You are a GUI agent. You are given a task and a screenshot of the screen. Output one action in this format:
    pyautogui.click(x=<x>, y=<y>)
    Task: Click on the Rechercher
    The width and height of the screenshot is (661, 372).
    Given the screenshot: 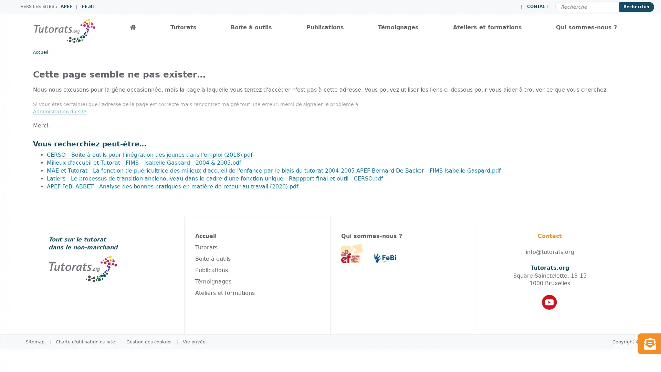 What is the action you would take?
    pyautogui.click(x=636, y=7)
    